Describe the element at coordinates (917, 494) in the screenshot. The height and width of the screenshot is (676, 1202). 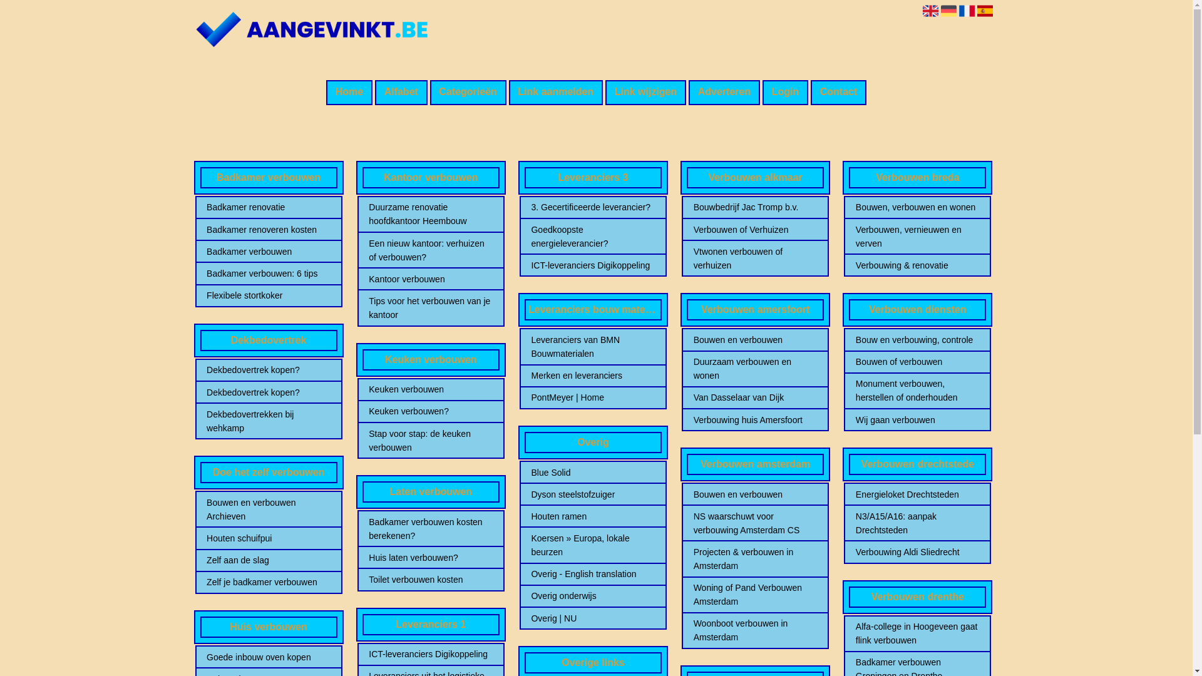
I see `'Energieloket Drechtsteden'` at that location.